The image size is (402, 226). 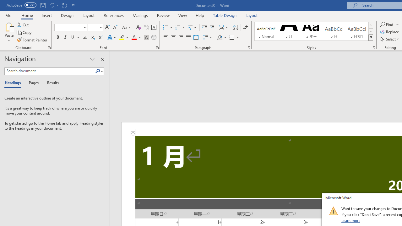 I want to click on 'Text Effects and Typography', so click(x=112, y=37).